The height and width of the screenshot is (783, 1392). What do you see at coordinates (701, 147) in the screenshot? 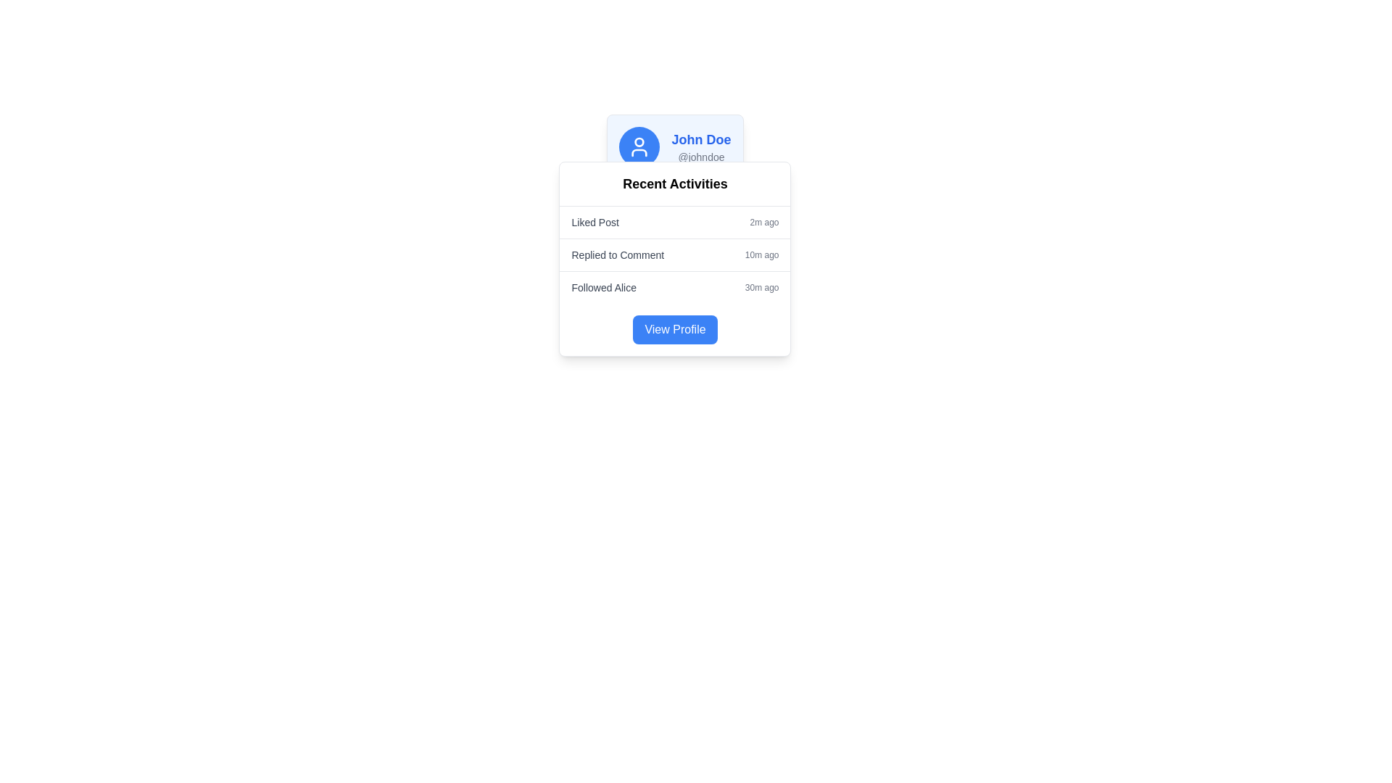
I see `the text display that shows the username and handle, styled with the name in bold blue and the handle in smaller gray font, located in the top section of the interface` at bounding box center [701, 147].